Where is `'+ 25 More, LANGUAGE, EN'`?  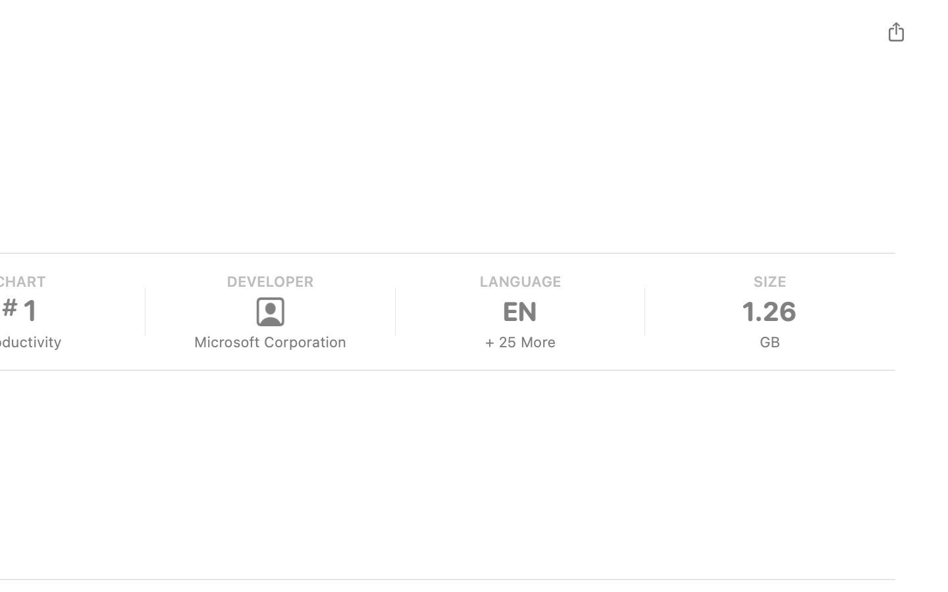 '+ 25 More, LANGUAGE, EN' is located at coordinates (519, 311).